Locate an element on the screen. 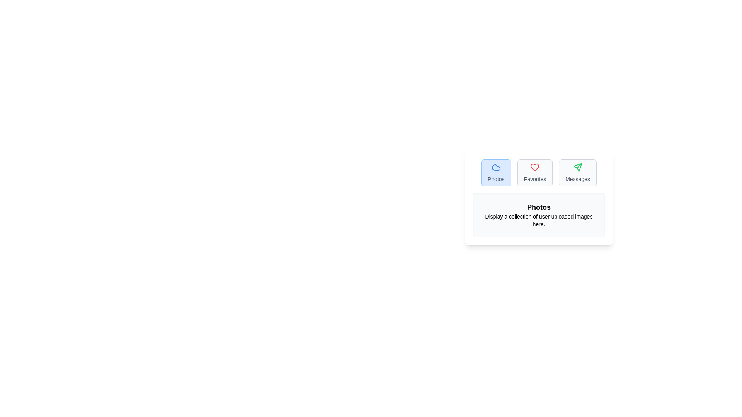 This screenshot has width=742, height=417. static informational text displaying 'Display a collection of user-uploaded images here.' for debugging purposes, located in the lower half of the 'Photos' section is located at coordinates (538, 220).